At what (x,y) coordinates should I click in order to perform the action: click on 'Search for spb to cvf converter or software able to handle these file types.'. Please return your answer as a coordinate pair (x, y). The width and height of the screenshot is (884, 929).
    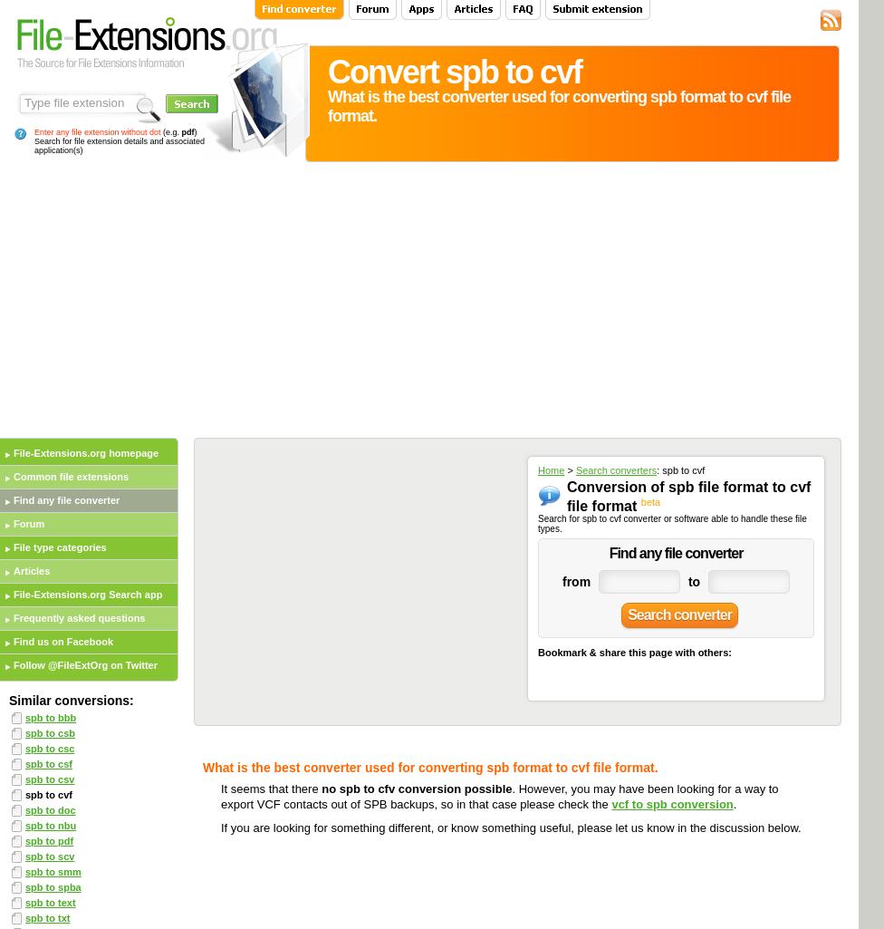
    Looking at the image, I should click on (671, 523).